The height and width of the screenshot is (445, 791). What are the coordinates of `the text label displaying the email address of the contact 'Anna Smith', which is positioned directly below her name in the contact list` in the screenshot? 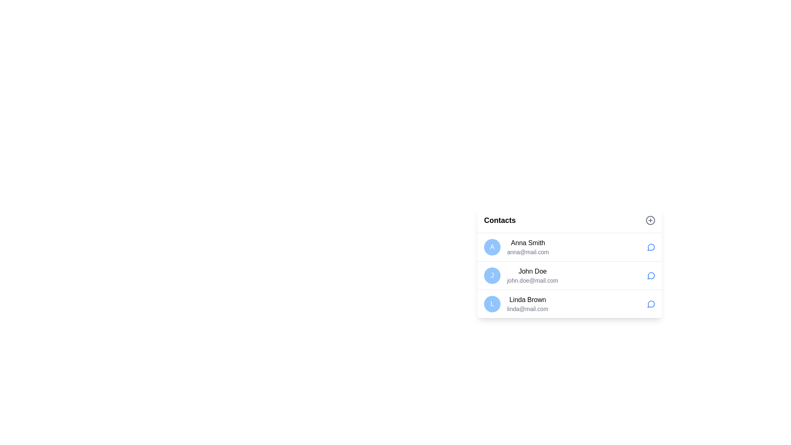 It's located at (528, 252).